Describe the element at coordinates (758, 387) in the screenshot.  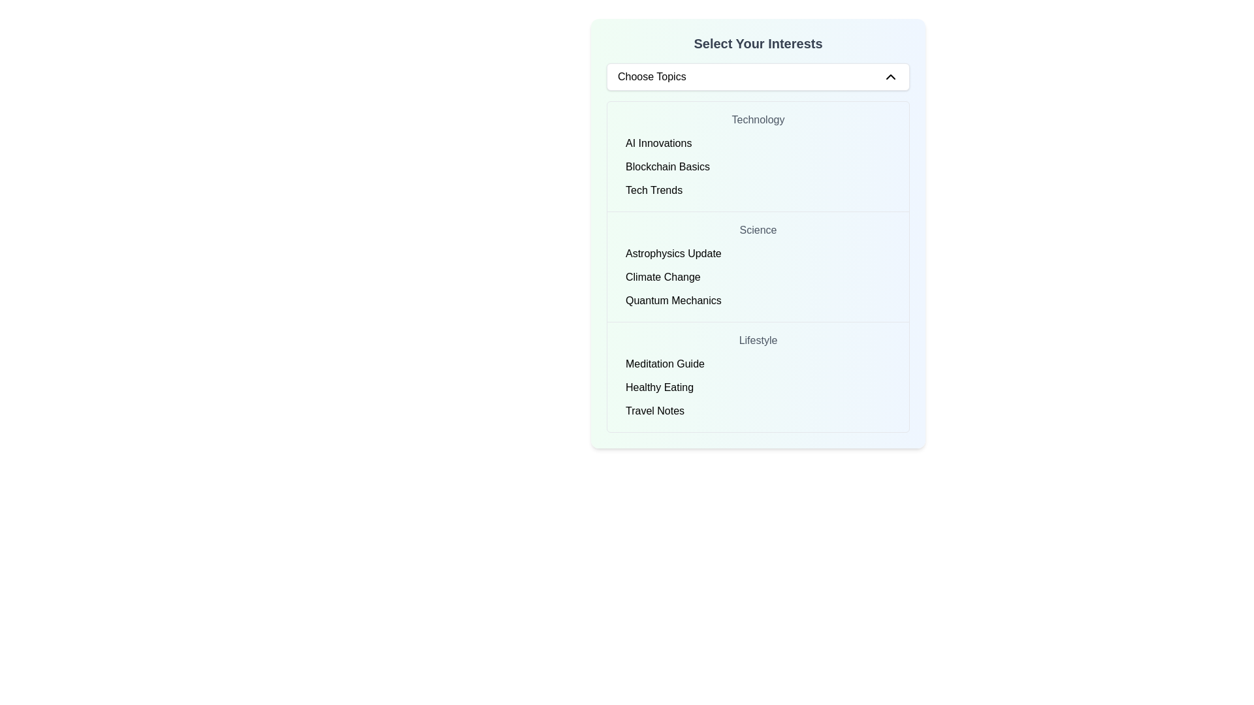
I see `the selectable list item labeled 'Healthy Eating', which is the second item under the 'Lifestyle' section` at that location.